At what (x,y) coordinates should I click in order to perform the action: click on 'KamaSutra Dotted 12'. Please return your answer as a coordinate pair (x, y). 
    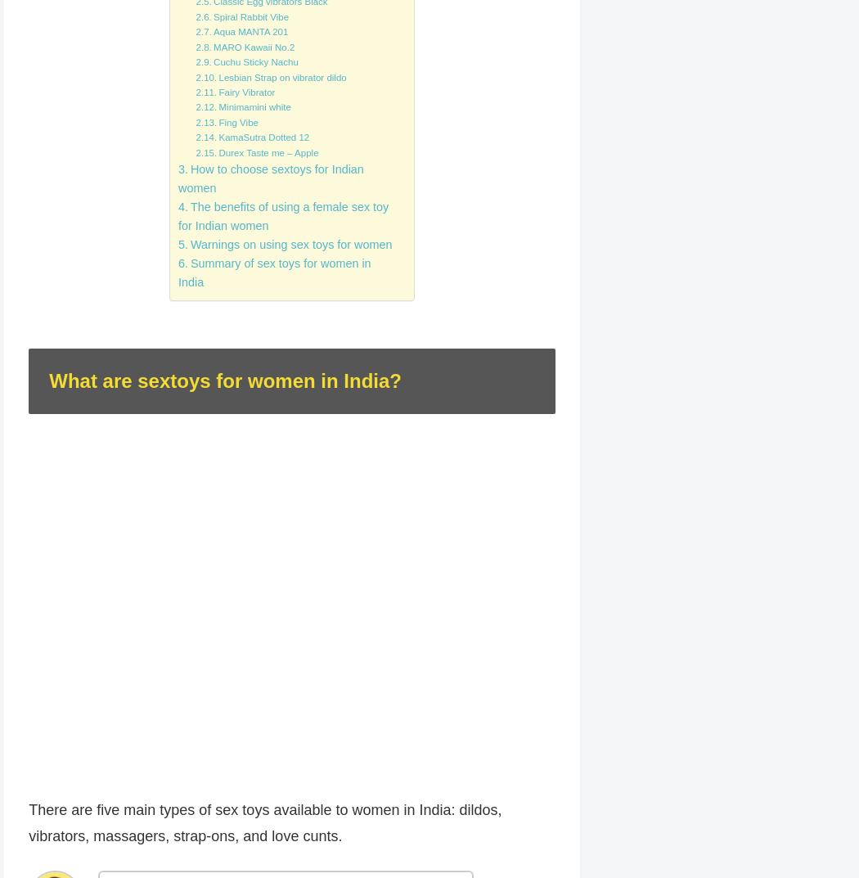
    Looking at the image, I should click on (263, 137).